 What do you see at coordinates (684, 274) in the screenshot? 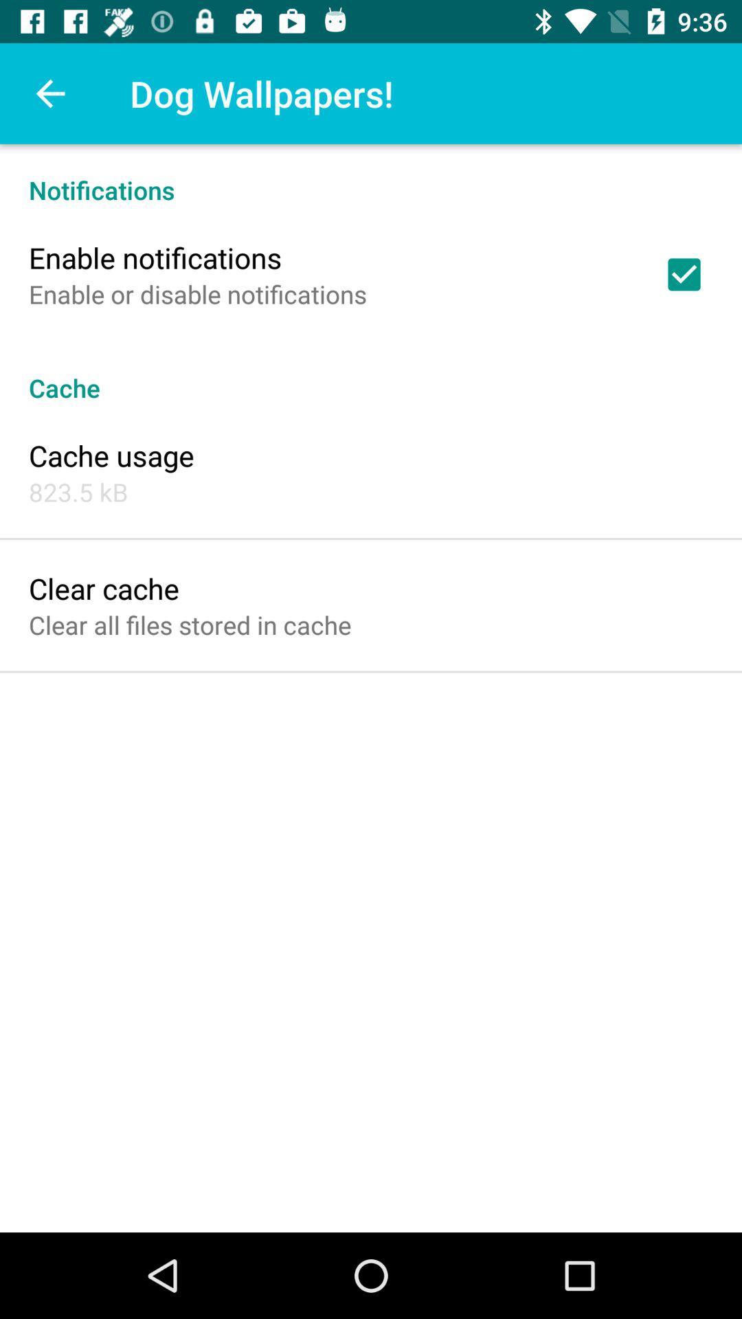
I see `check box` at bounding box center [684, 274].